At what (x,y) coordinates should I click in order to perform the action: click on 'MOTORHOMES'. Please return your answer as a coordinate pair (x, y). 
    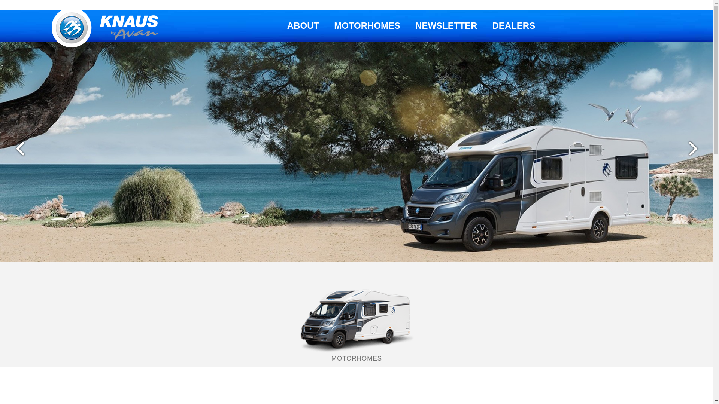
    Looking at the image, I should click on (356, 313).